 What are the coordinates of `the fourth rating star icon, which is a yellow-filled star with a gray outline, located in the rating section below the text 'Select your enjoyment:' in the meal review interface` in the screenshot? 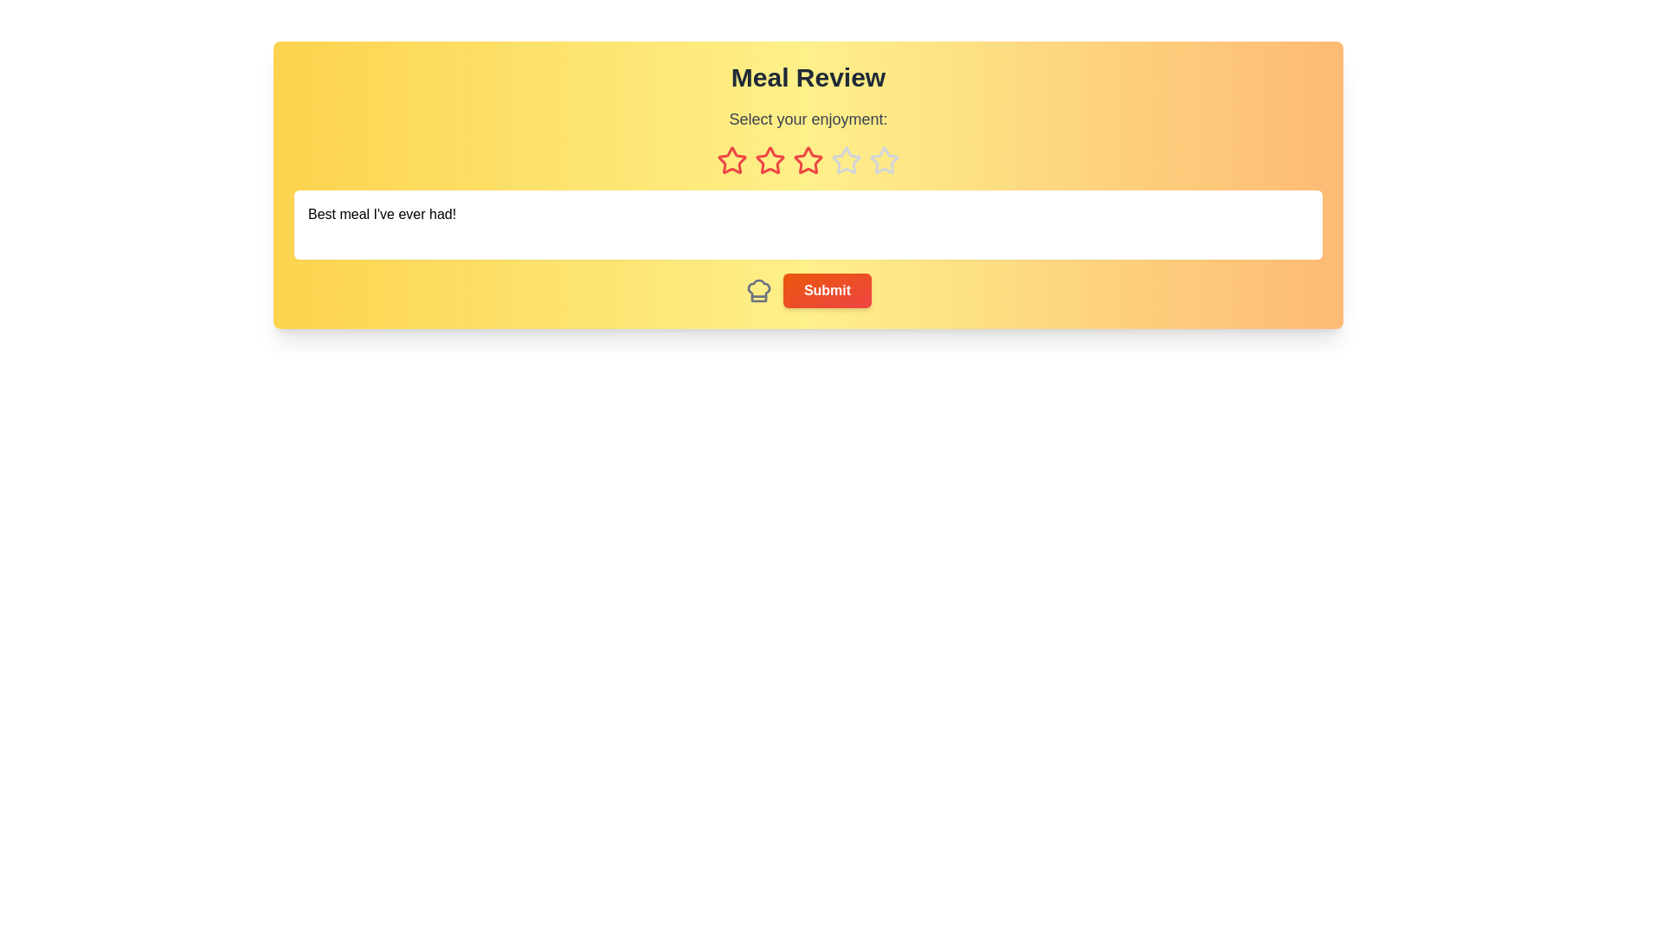 It's located at (847, 160).